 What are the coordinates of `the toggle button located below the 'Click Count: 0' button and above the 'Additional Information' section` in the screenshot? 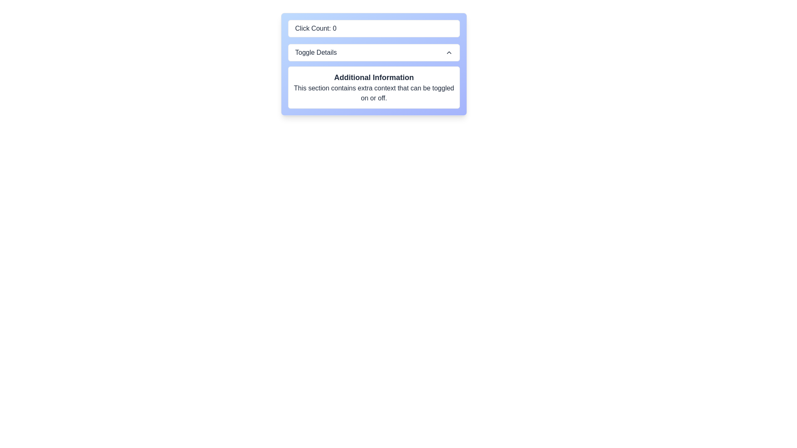 It's located at (374, 53).